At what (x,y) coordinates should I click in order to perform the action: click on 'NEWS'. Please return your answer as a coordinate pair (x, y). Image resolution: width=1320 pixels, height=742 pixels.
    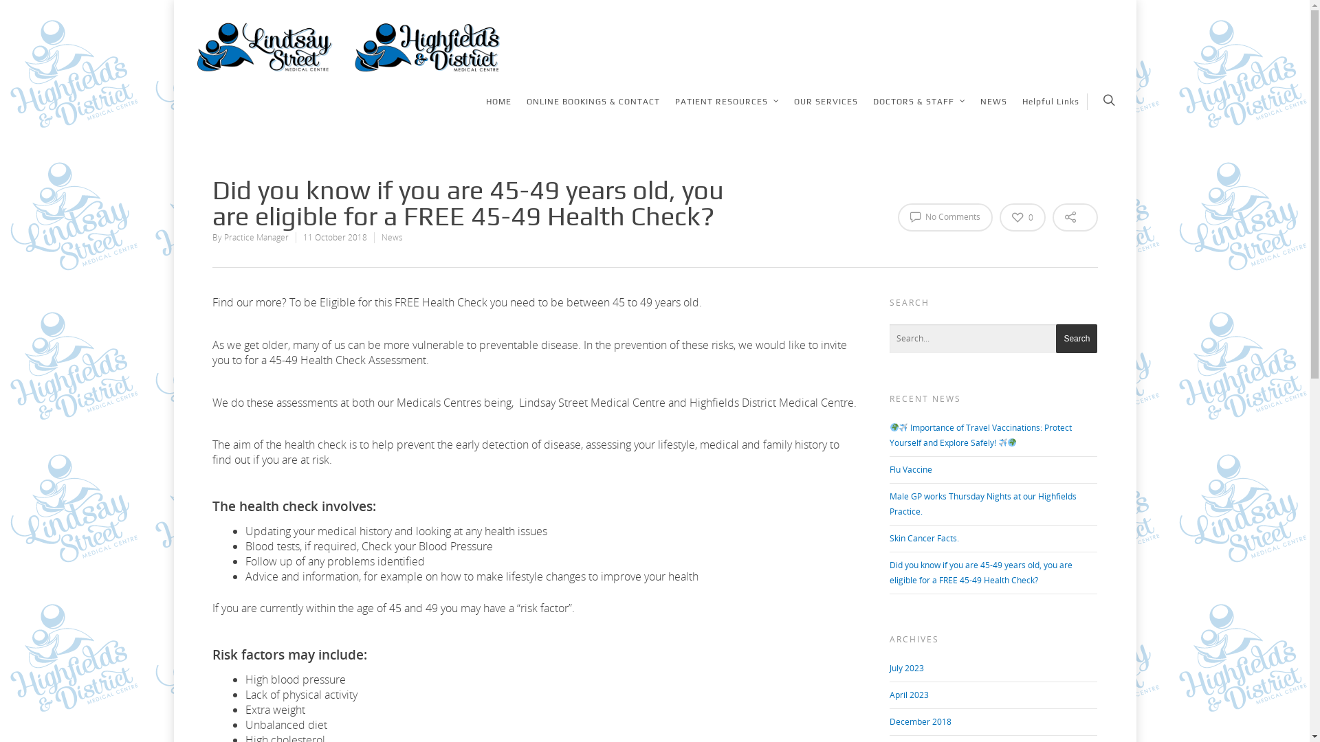
    Looking at the image, I should click on (973, 111).